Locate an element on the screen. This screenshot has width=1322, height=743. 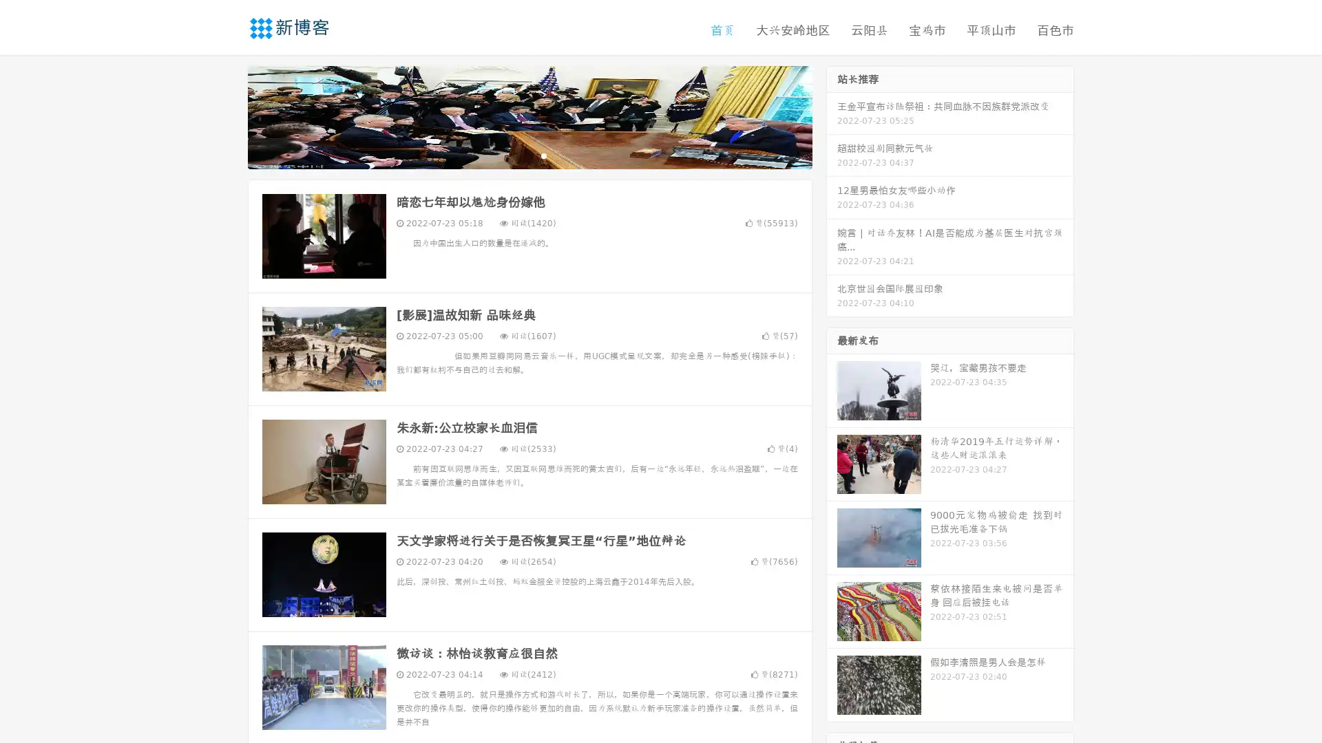
Next slide is located at coordinates (832, 116).